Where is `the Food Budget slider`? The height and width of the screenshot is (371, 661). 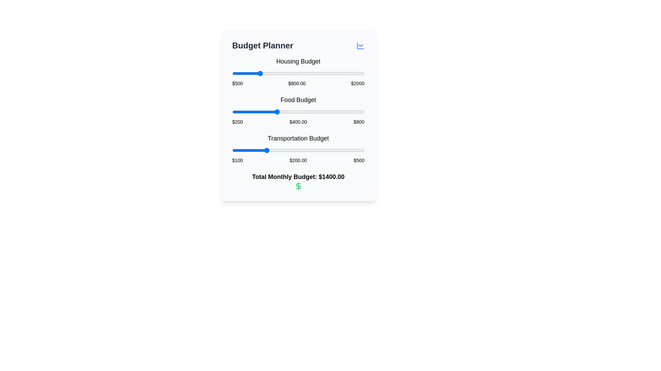 the Food Budget slider is located at coordinates (294, 112).